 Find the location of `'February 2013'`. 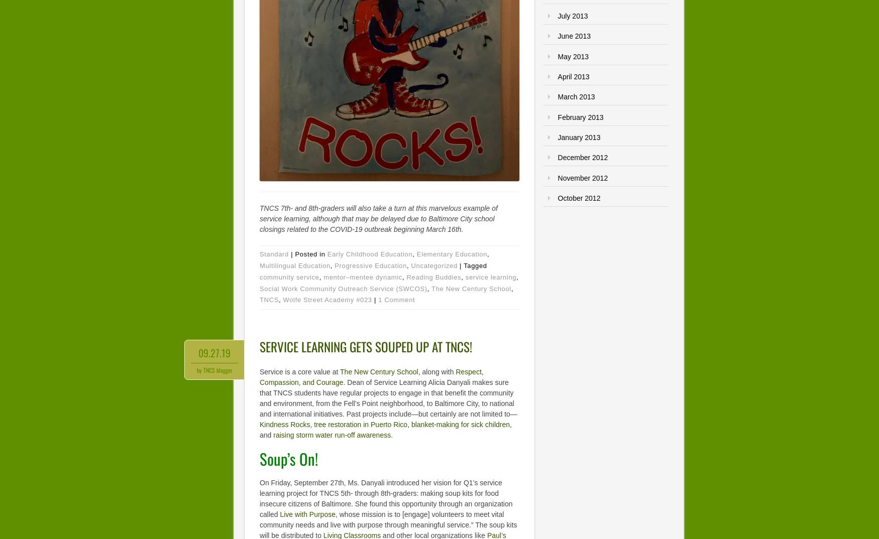

'February 2013' is located at coordinates (580, 116).